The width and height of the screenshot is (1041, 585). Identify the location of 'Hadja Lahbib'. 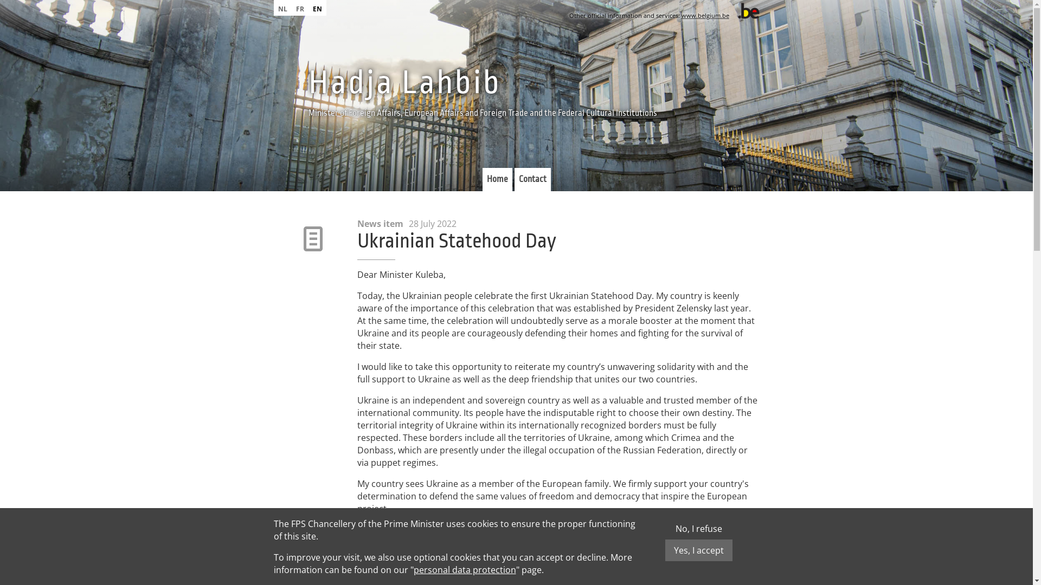
(307, 82).